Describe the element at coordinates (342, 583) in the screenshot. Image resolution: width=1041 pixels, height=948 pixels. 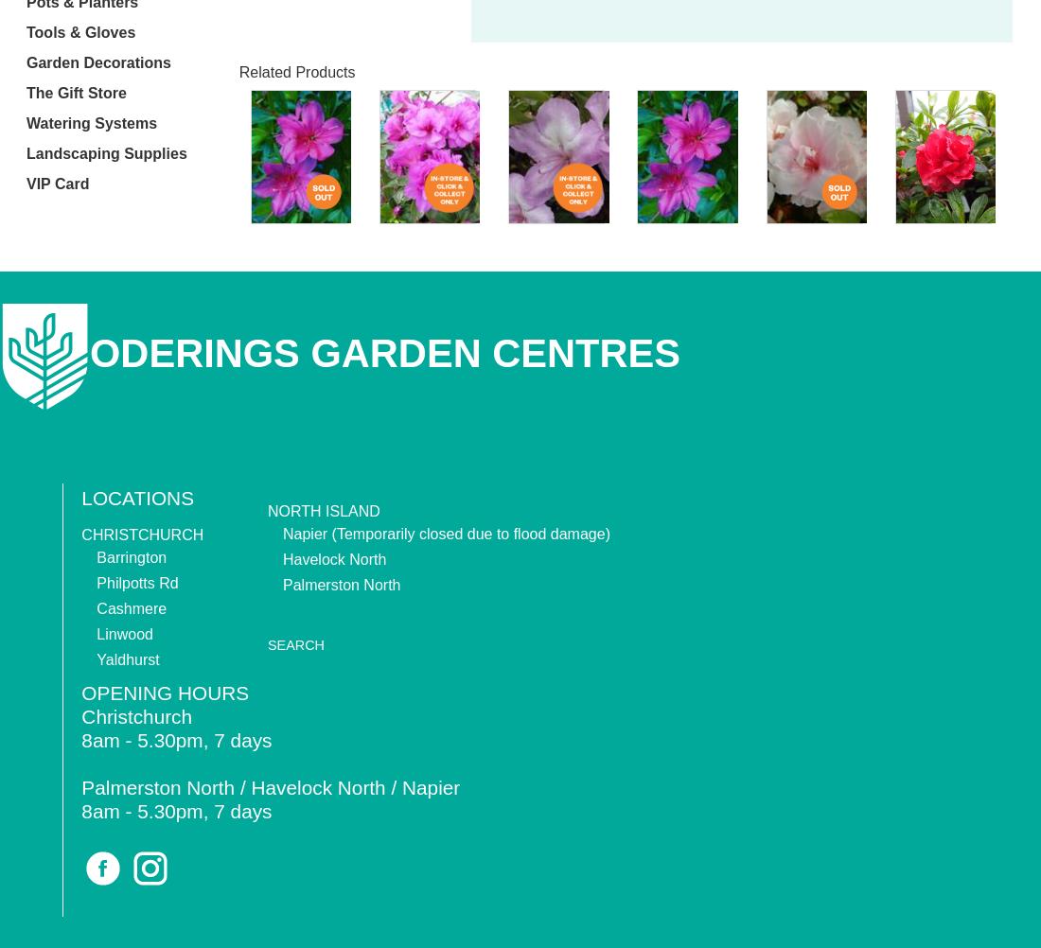
I see `'Palmerston North'` at that location.